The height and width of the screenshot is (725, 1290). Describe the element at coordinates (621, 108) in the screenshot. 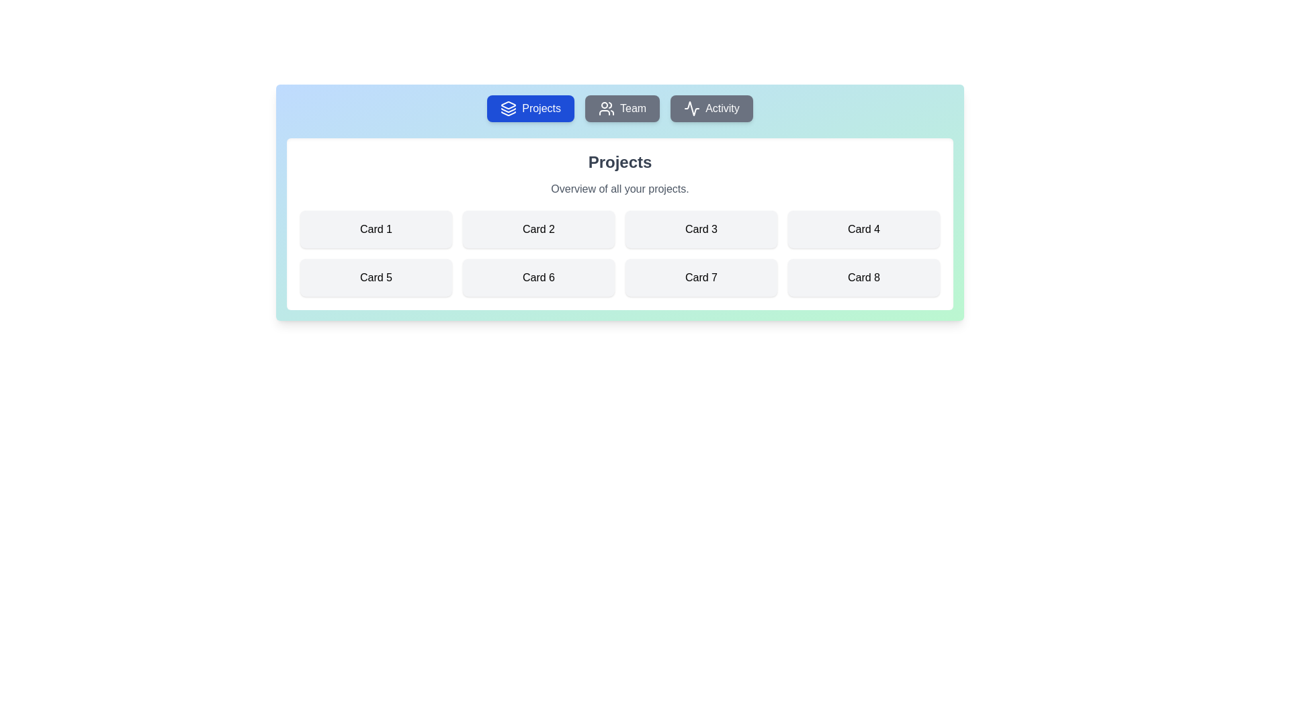

I see `the Team tab by clicking on its corresponding button` at that location.